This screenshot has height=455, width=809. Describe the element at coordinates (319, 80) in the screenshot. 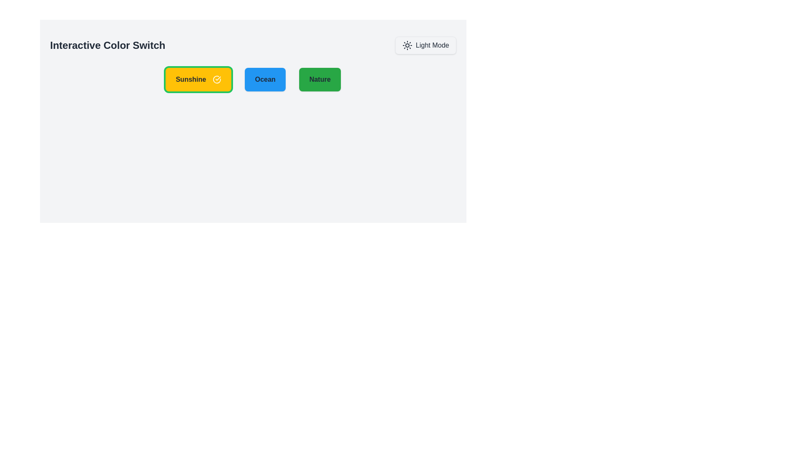

I see `the rounded rectangular button with a green background labeled 'Nature'` at that location.